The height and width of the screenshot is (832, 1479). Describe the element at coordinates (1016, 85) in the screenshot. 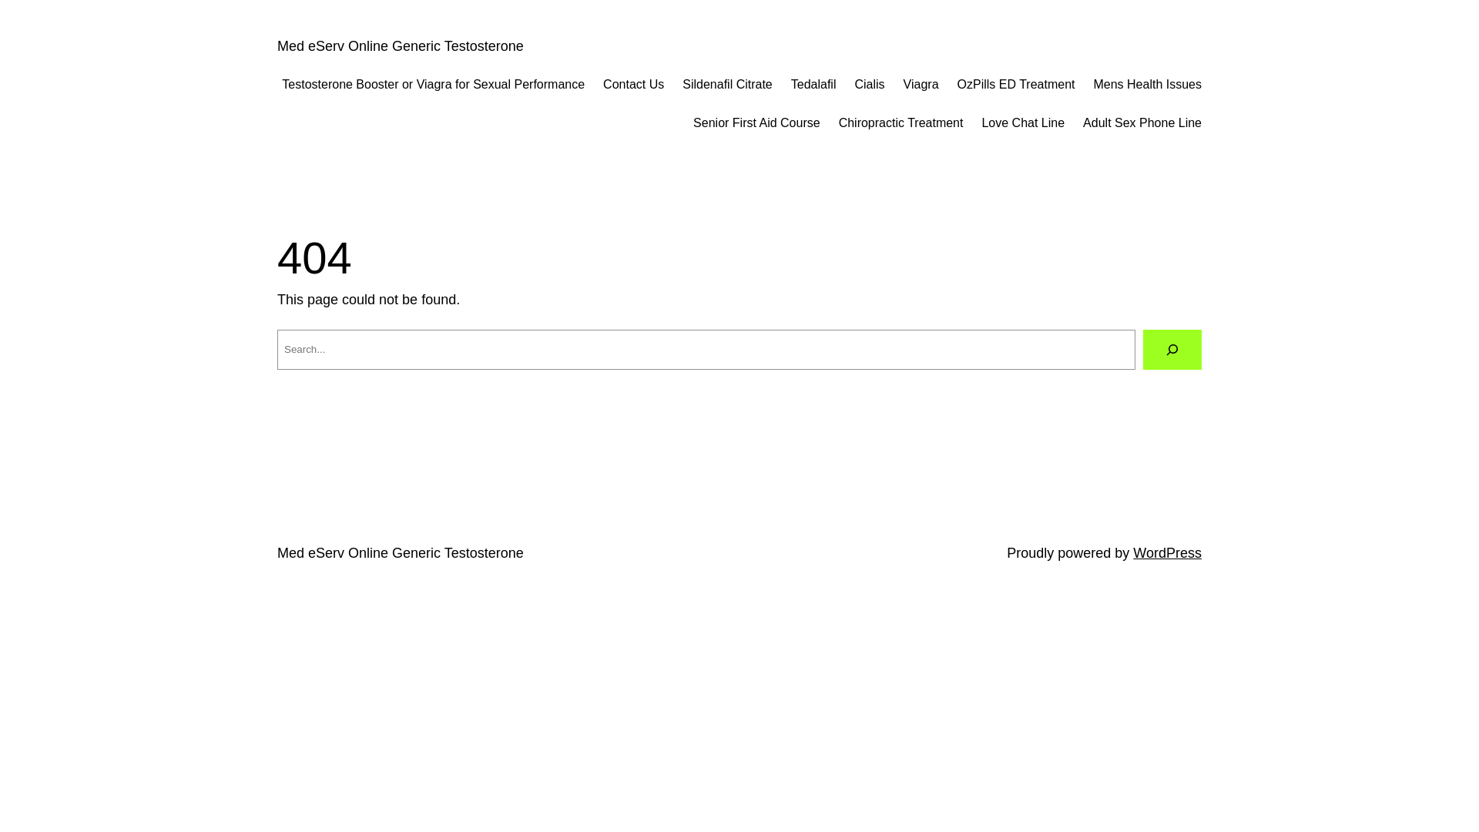

I see `'OzPills ED Treatment'` at that location.